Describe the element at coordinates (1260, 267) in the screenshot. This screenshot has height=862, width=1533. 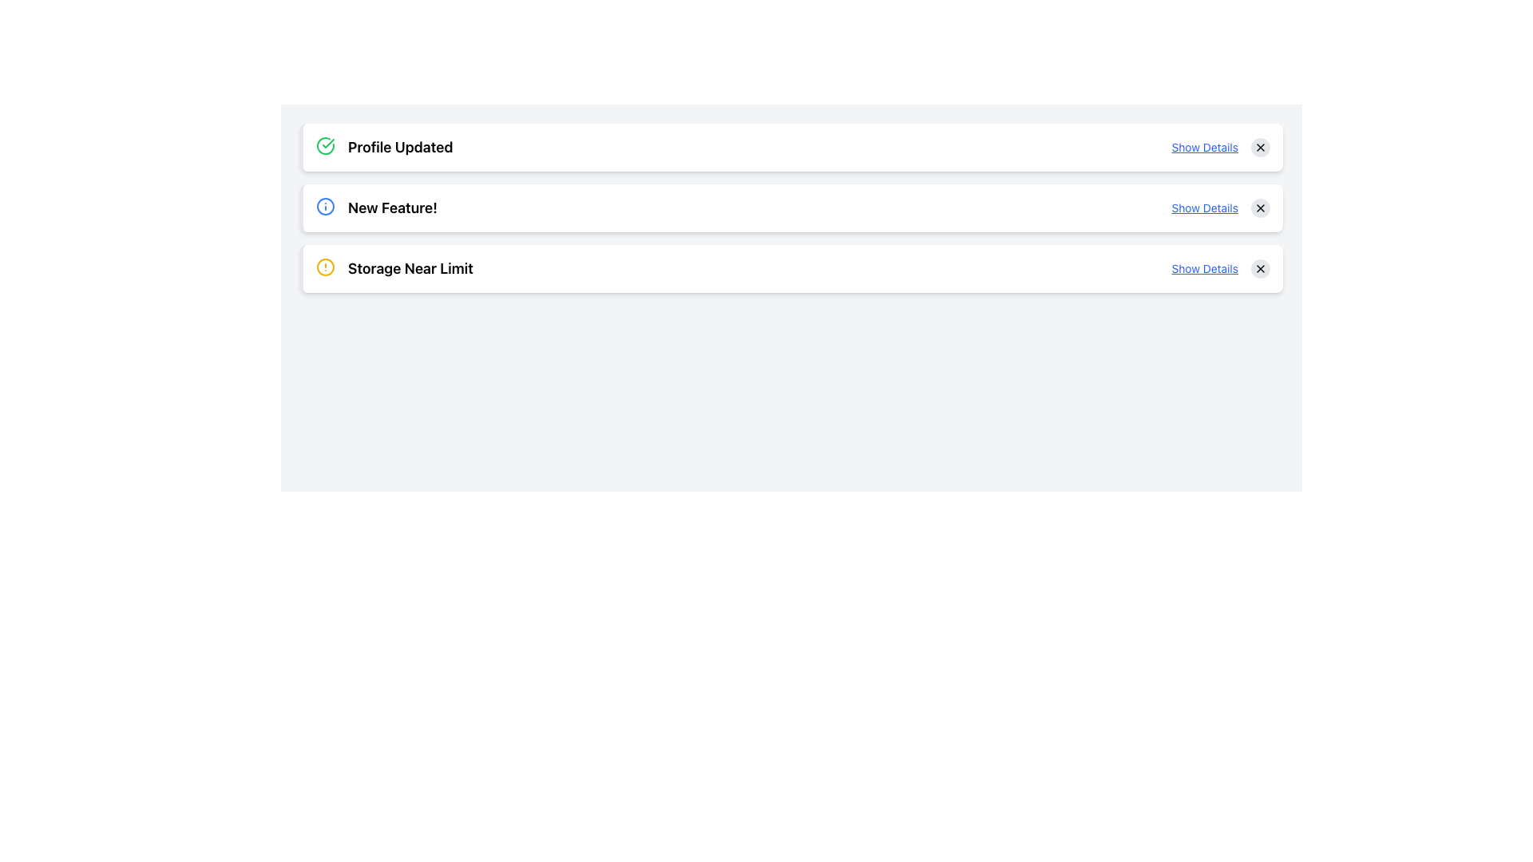
I see `the dismiss button located on the far right of the 'Storage Near Limit' row, adjacent to the 'Show Details' text` at that location.